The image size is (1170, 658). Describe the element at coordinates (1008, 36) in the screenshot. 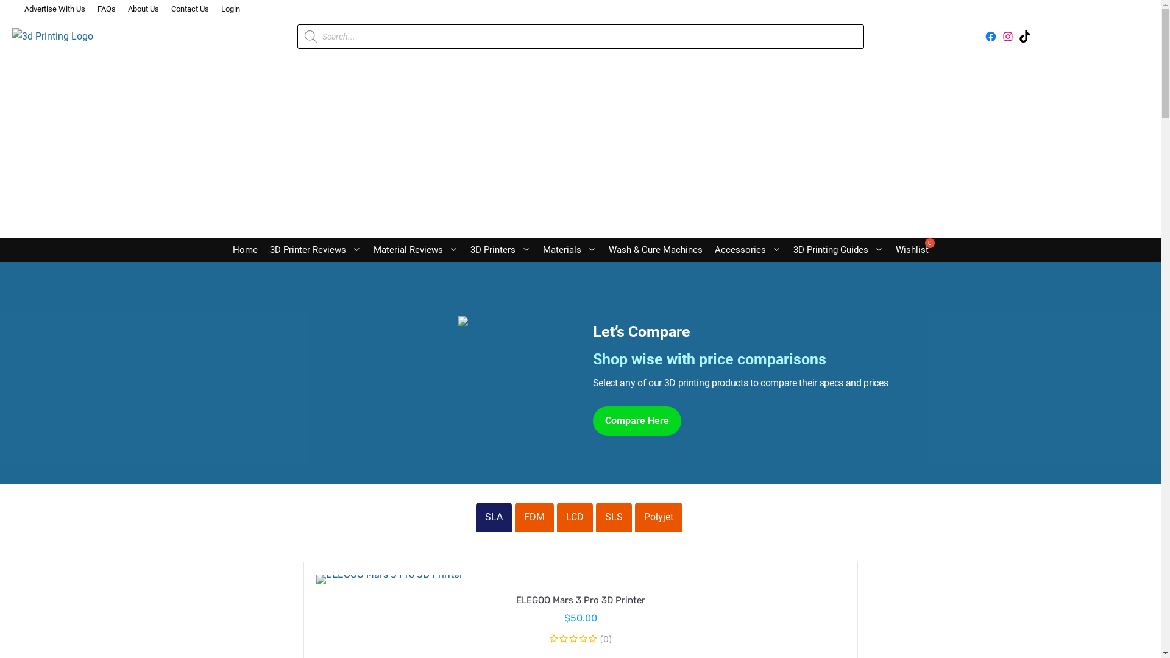

I see `'Instagram'` at that location.